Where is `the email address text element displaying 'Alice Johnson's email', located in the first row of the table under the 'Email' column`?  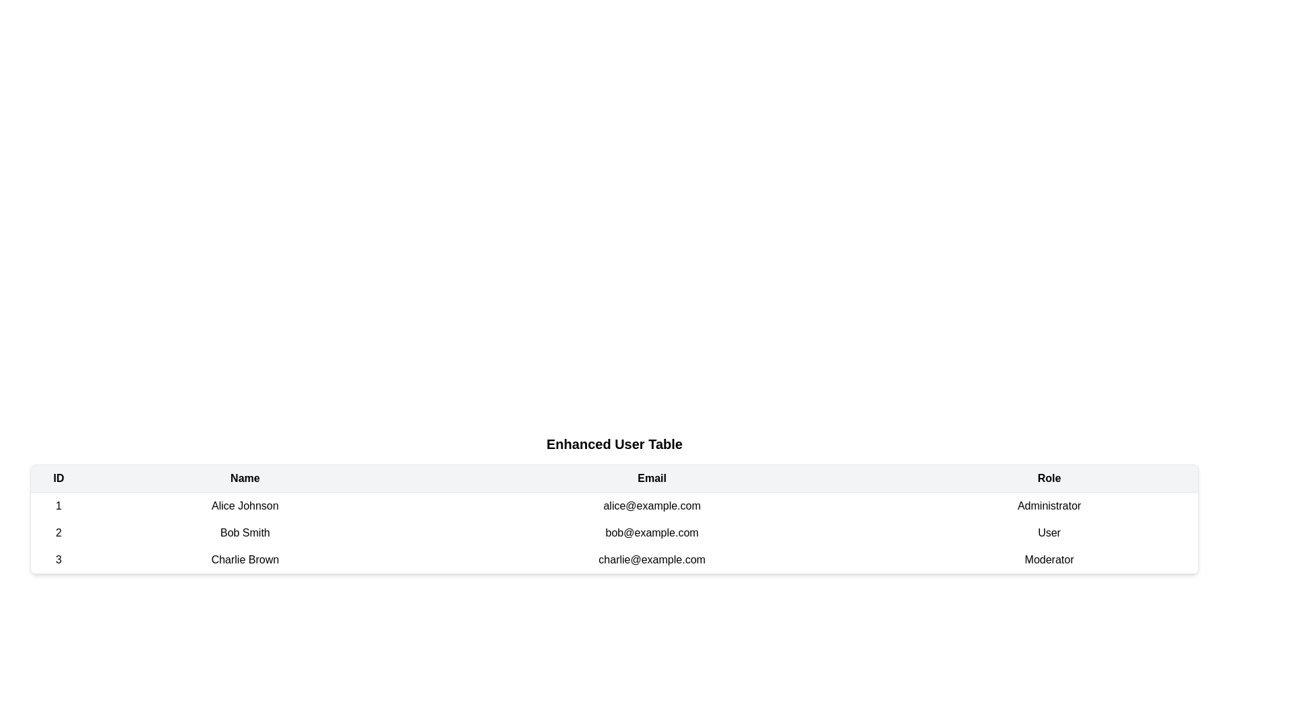
the email address text element displaying 'Alice Johnson's email', located in the first row of the table under the 'Email' column is located at coordinates (652, 506).